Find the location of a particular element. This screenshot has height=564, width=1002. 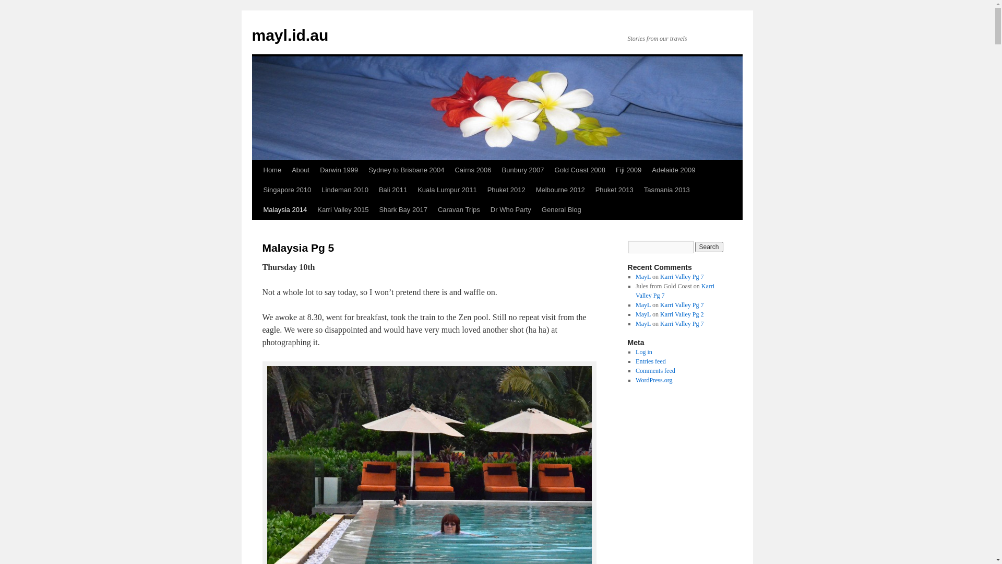

'Comments feed' is located at coordinates (655, 370).